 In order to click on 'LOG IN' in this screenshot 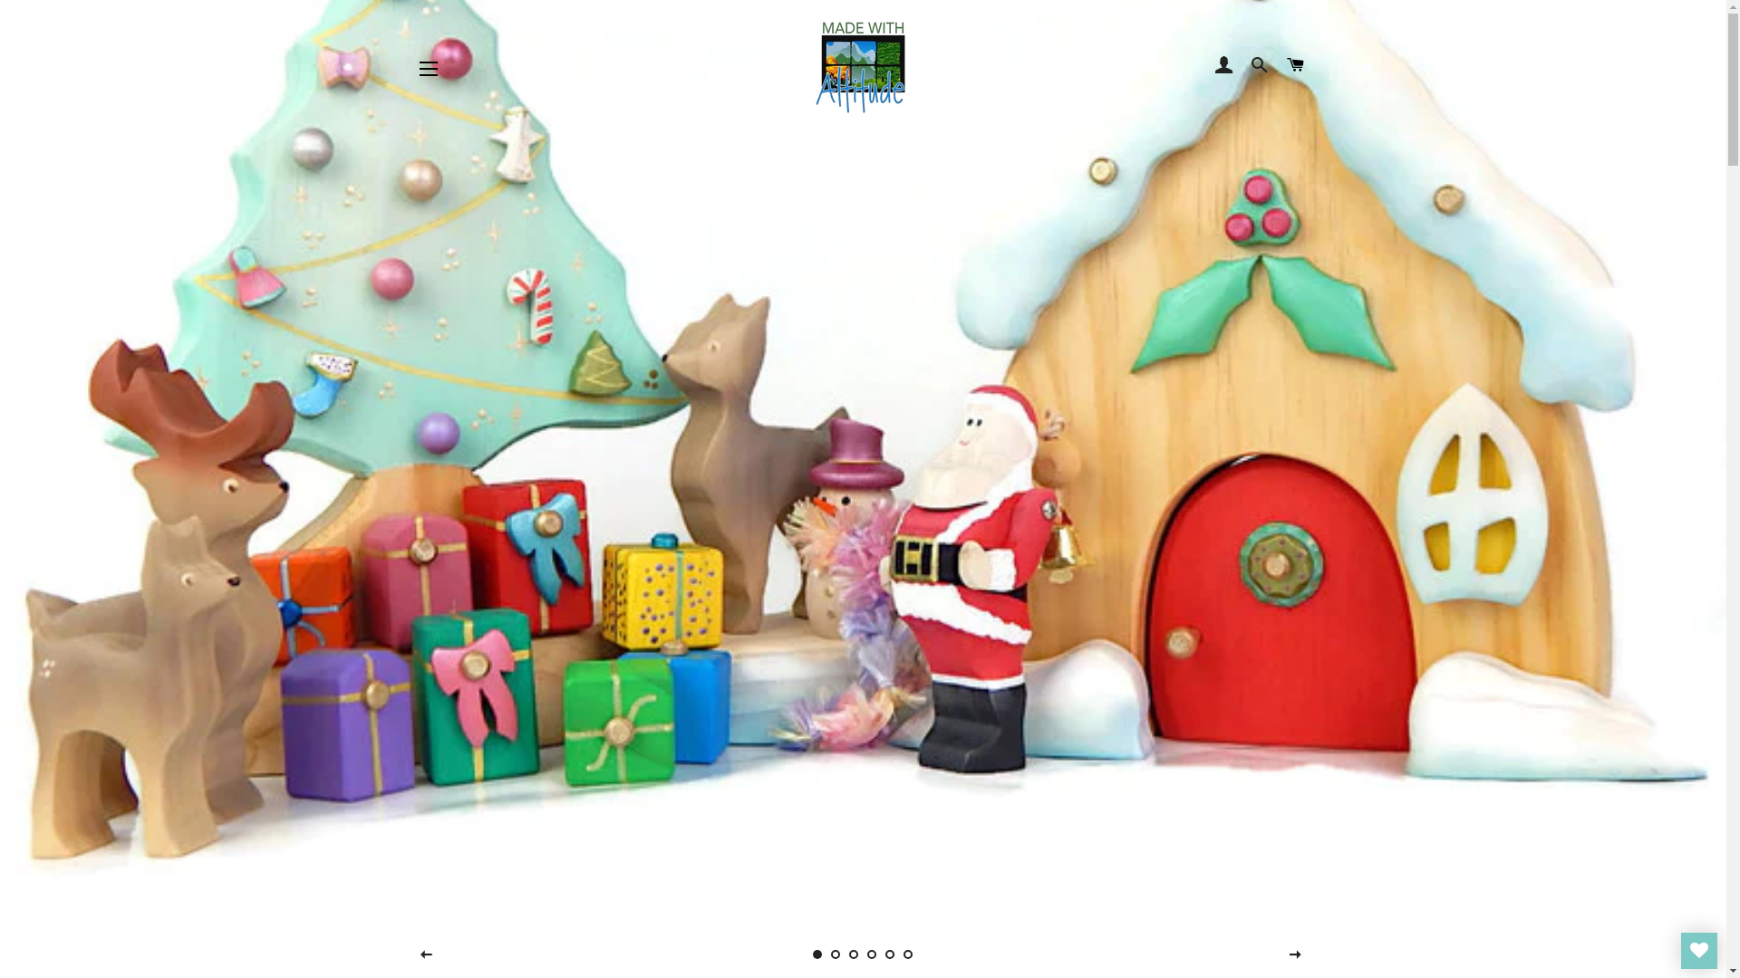, I will do `click(1223, 64)`.